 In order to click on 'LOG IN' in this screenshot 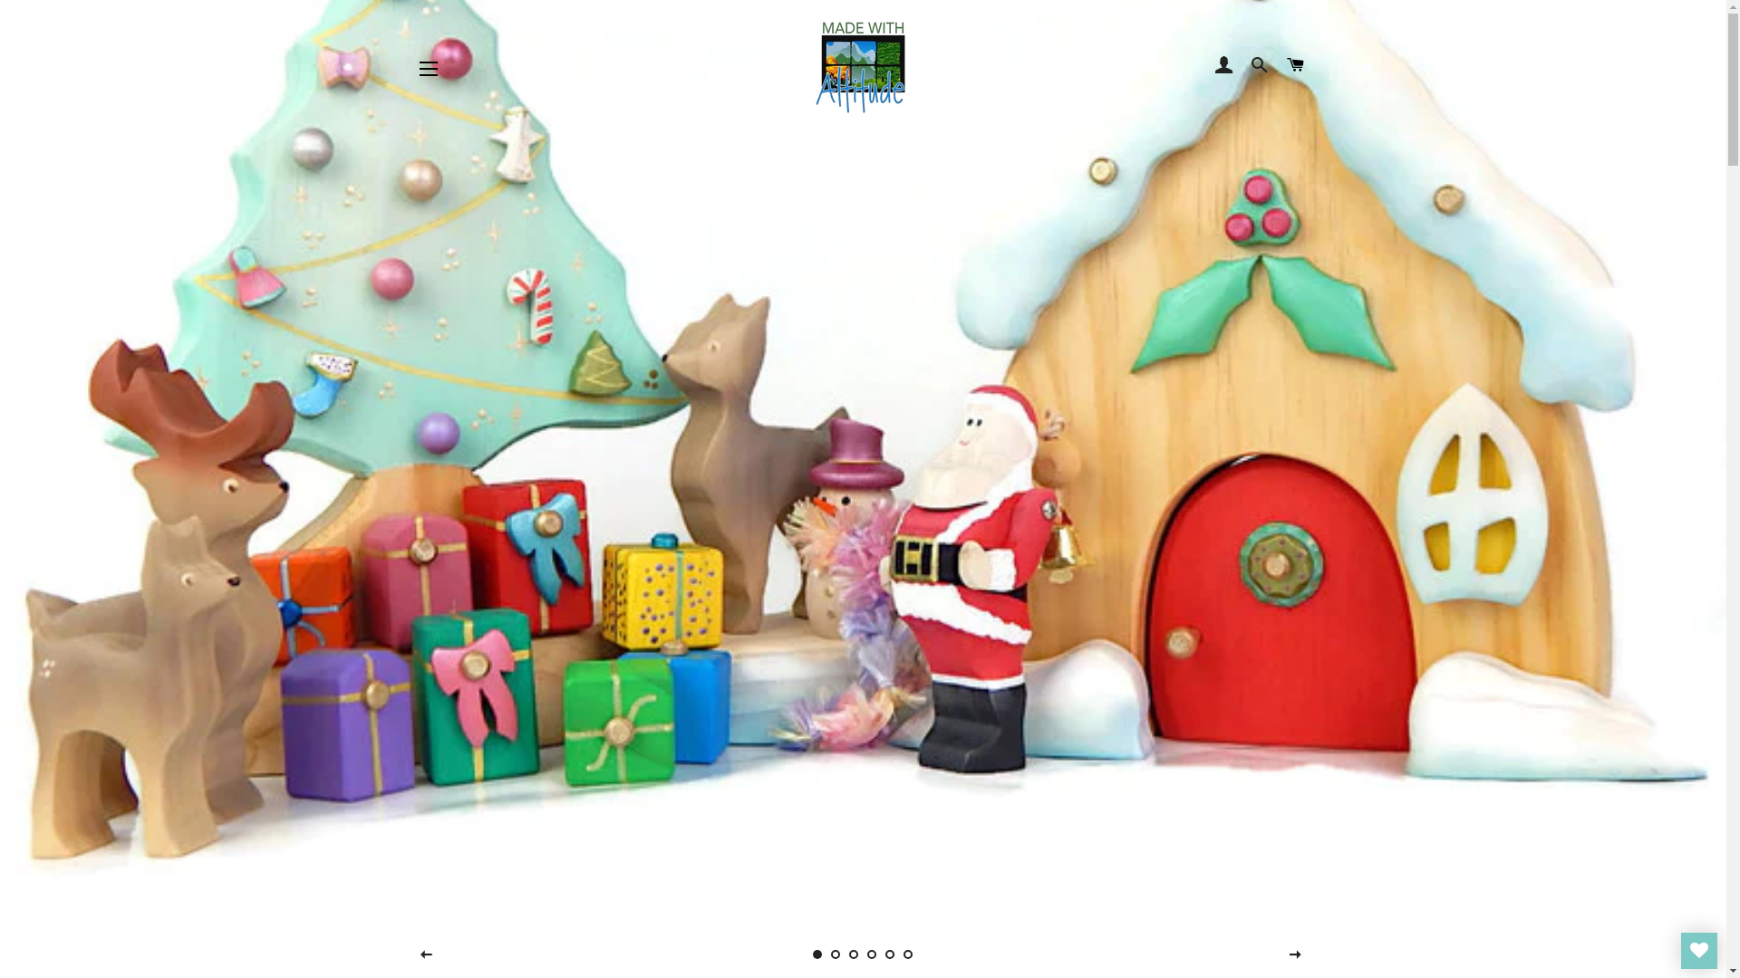, I will do `click(1223, 64)`.